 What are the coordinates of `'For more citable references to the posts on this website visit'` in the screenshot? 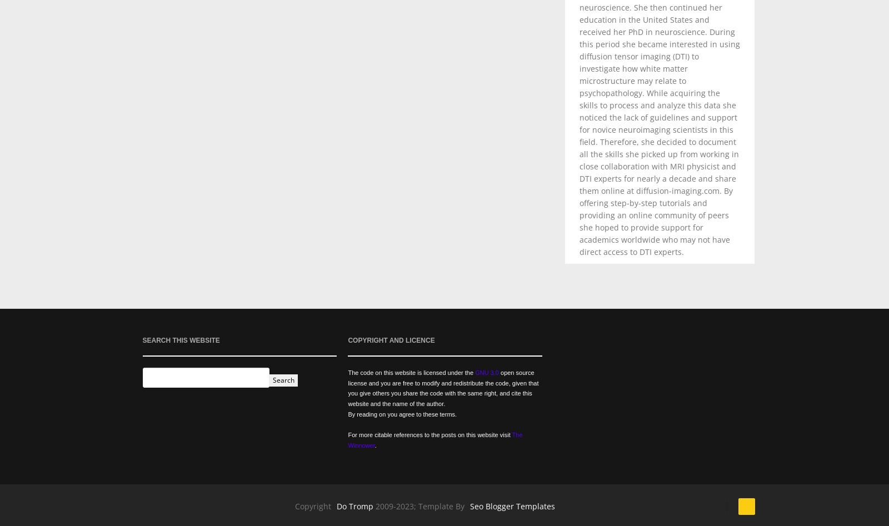 It's located at (429, 434).